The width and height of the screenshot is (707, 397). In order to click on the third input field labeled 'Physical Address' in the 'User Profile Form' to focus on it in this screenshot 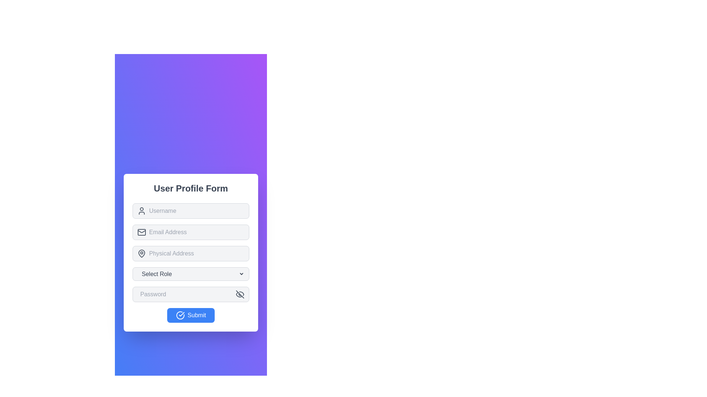, I will do `click(191, 252)`.